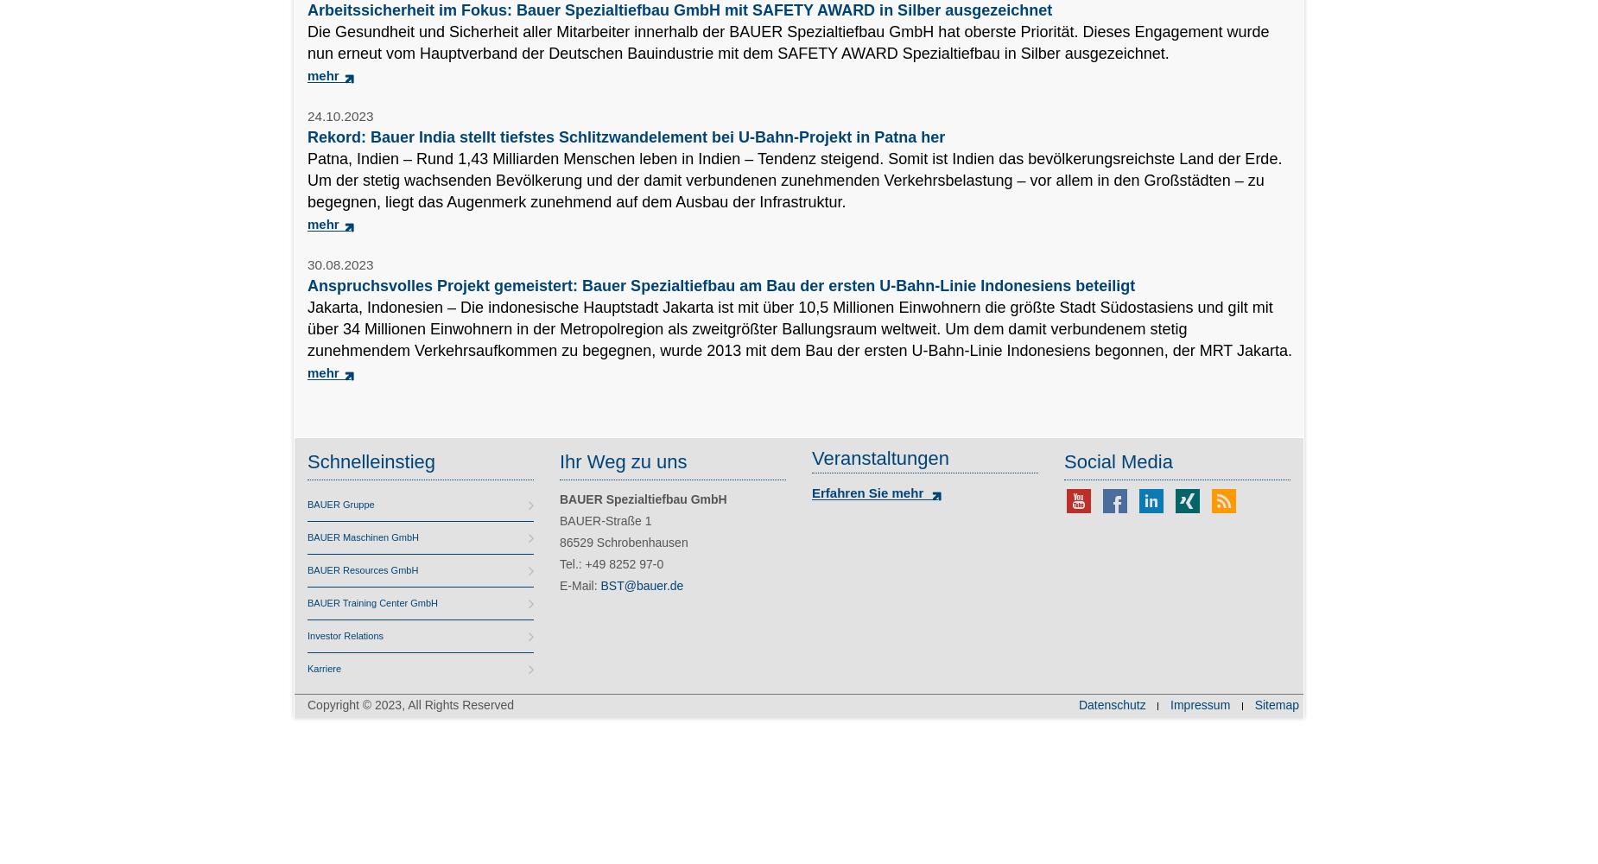  I want to click on 'Veranstaltungen', so click(879, 458).